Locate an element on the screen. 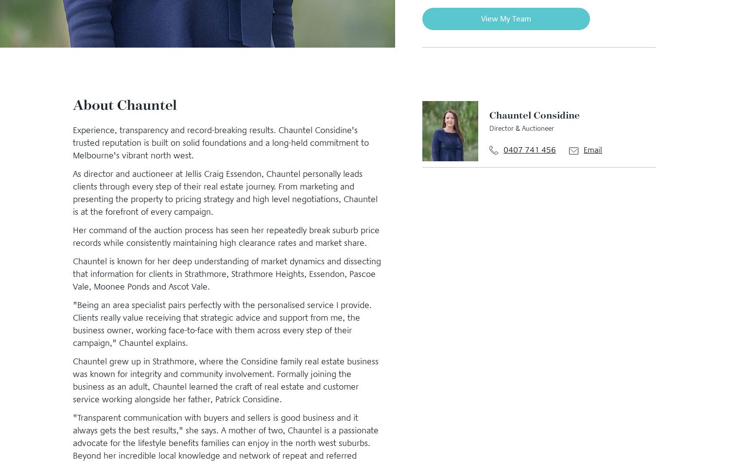 This screenshot has height=462, width=729. 'Chauntel Considine' is located at coordinates (534, 114).